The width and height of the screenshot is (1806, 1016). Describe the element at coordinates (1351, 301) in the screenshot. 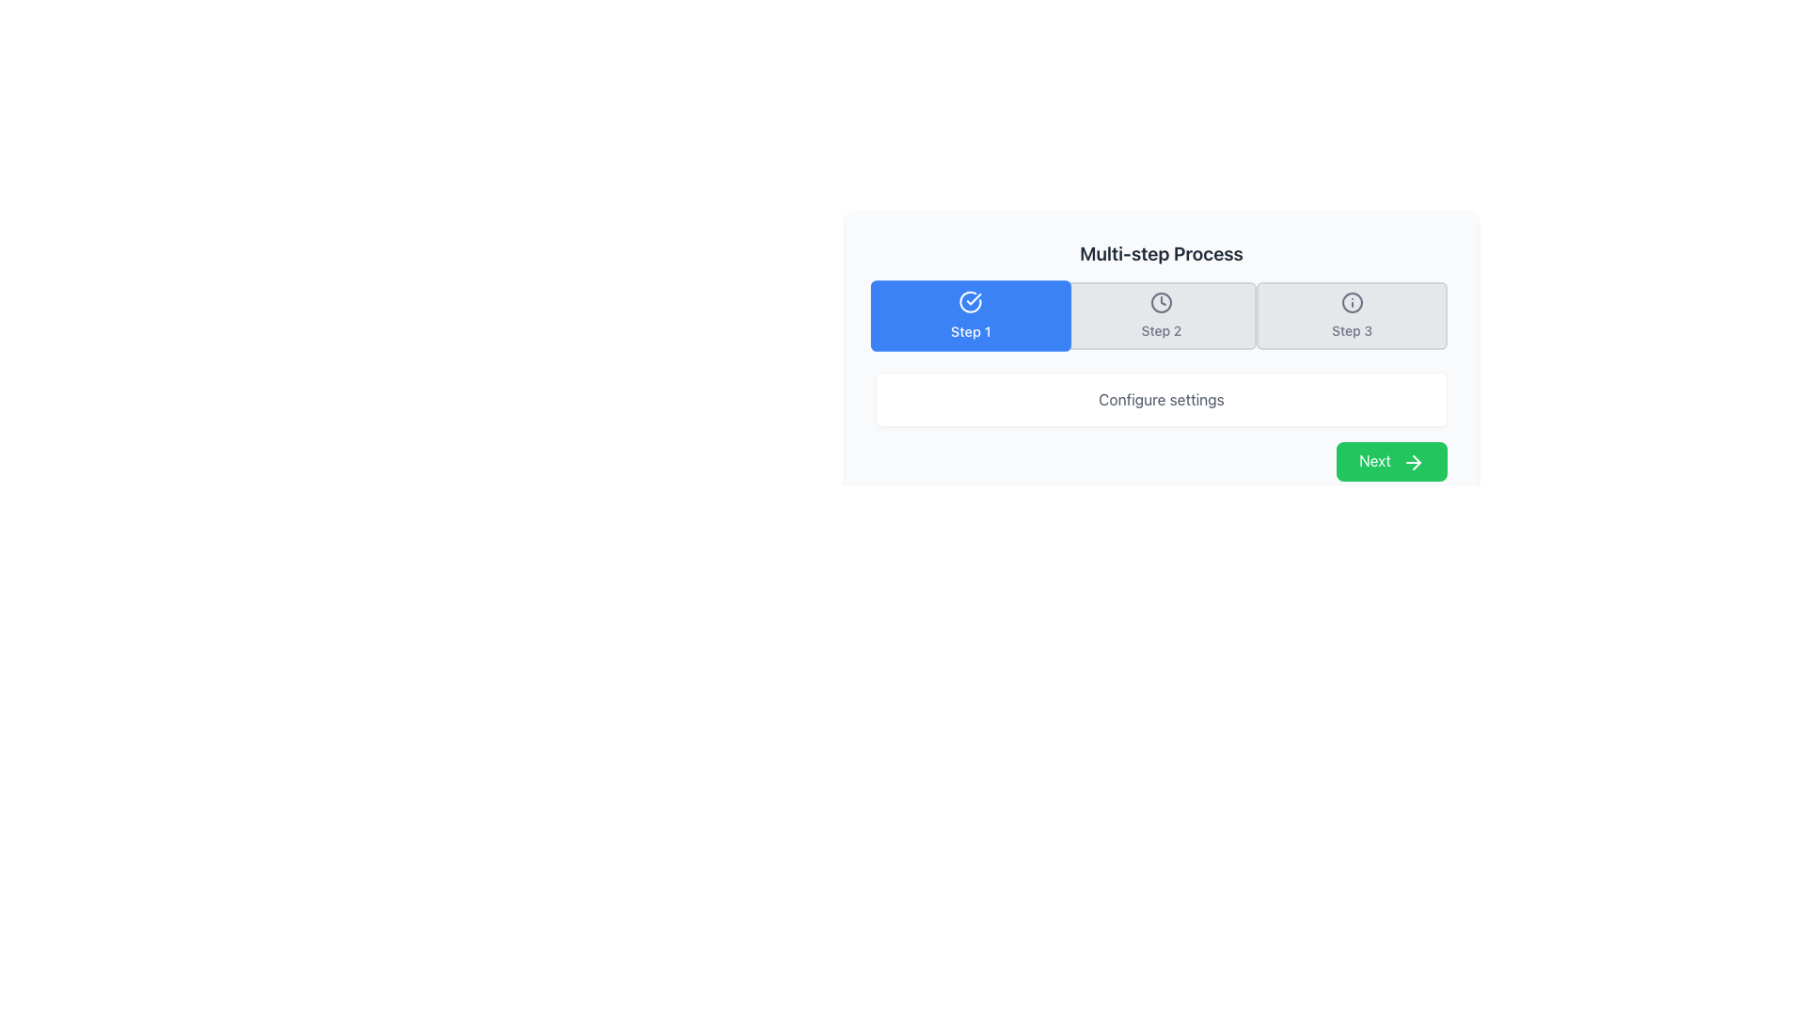

I see `the icon representing the current status of 'Step 3' in the multi-step process interface` at that location.